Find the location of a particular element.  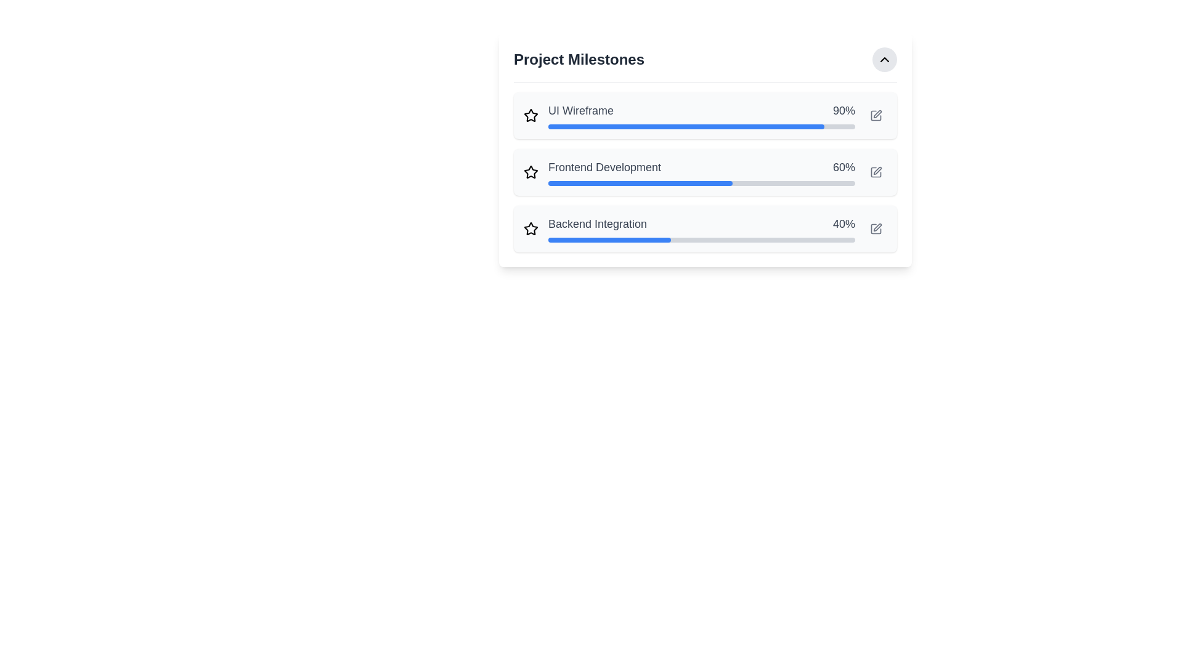

the static text label that serves as a heading for a progress bar, positioned at the top-left part of its row is located at coordinates (580, 111).